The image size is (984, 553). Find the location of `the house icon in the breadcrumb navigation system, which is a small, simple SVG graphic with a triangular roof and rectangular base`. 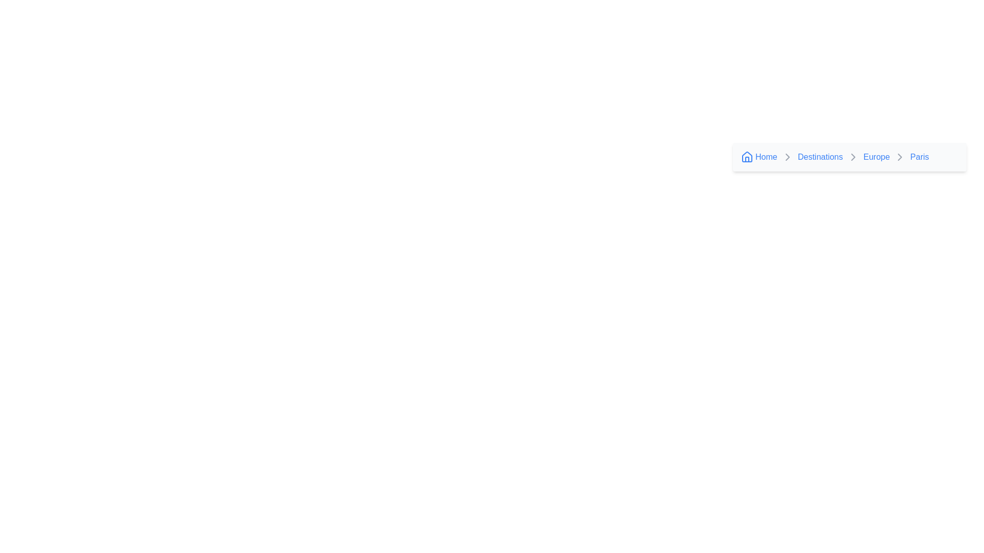

the house icon in the breadcrumb navigation system, which is a small, simple SVG graphic with a triangular roof and rectangular base is located at coordinates (747, 156).